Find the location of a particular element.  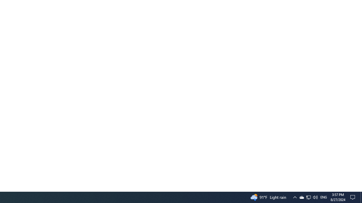

'User Promoted Notification Area' is located at coordinates (315, 197).